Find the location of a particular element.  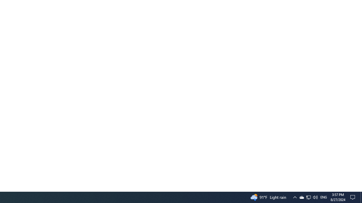

'User Promoted Notification Area' is located at coordinates (315, 197).